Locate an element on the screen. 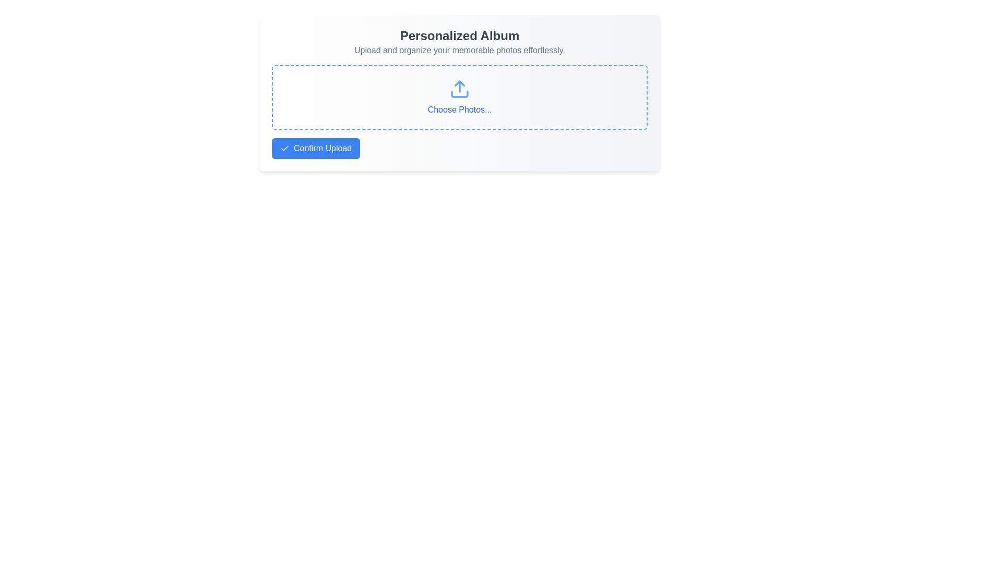 The image size is (1002, 563). the bottom stroke of the arrow-like upload icon within the dashed rectangular area titled 'Choose Photos...' is located at coordinates (459, 94).